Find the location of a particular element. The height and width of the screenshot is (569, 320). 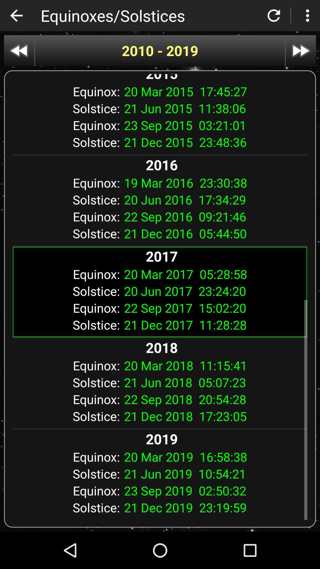

back button is located at coordinates (16, 15).